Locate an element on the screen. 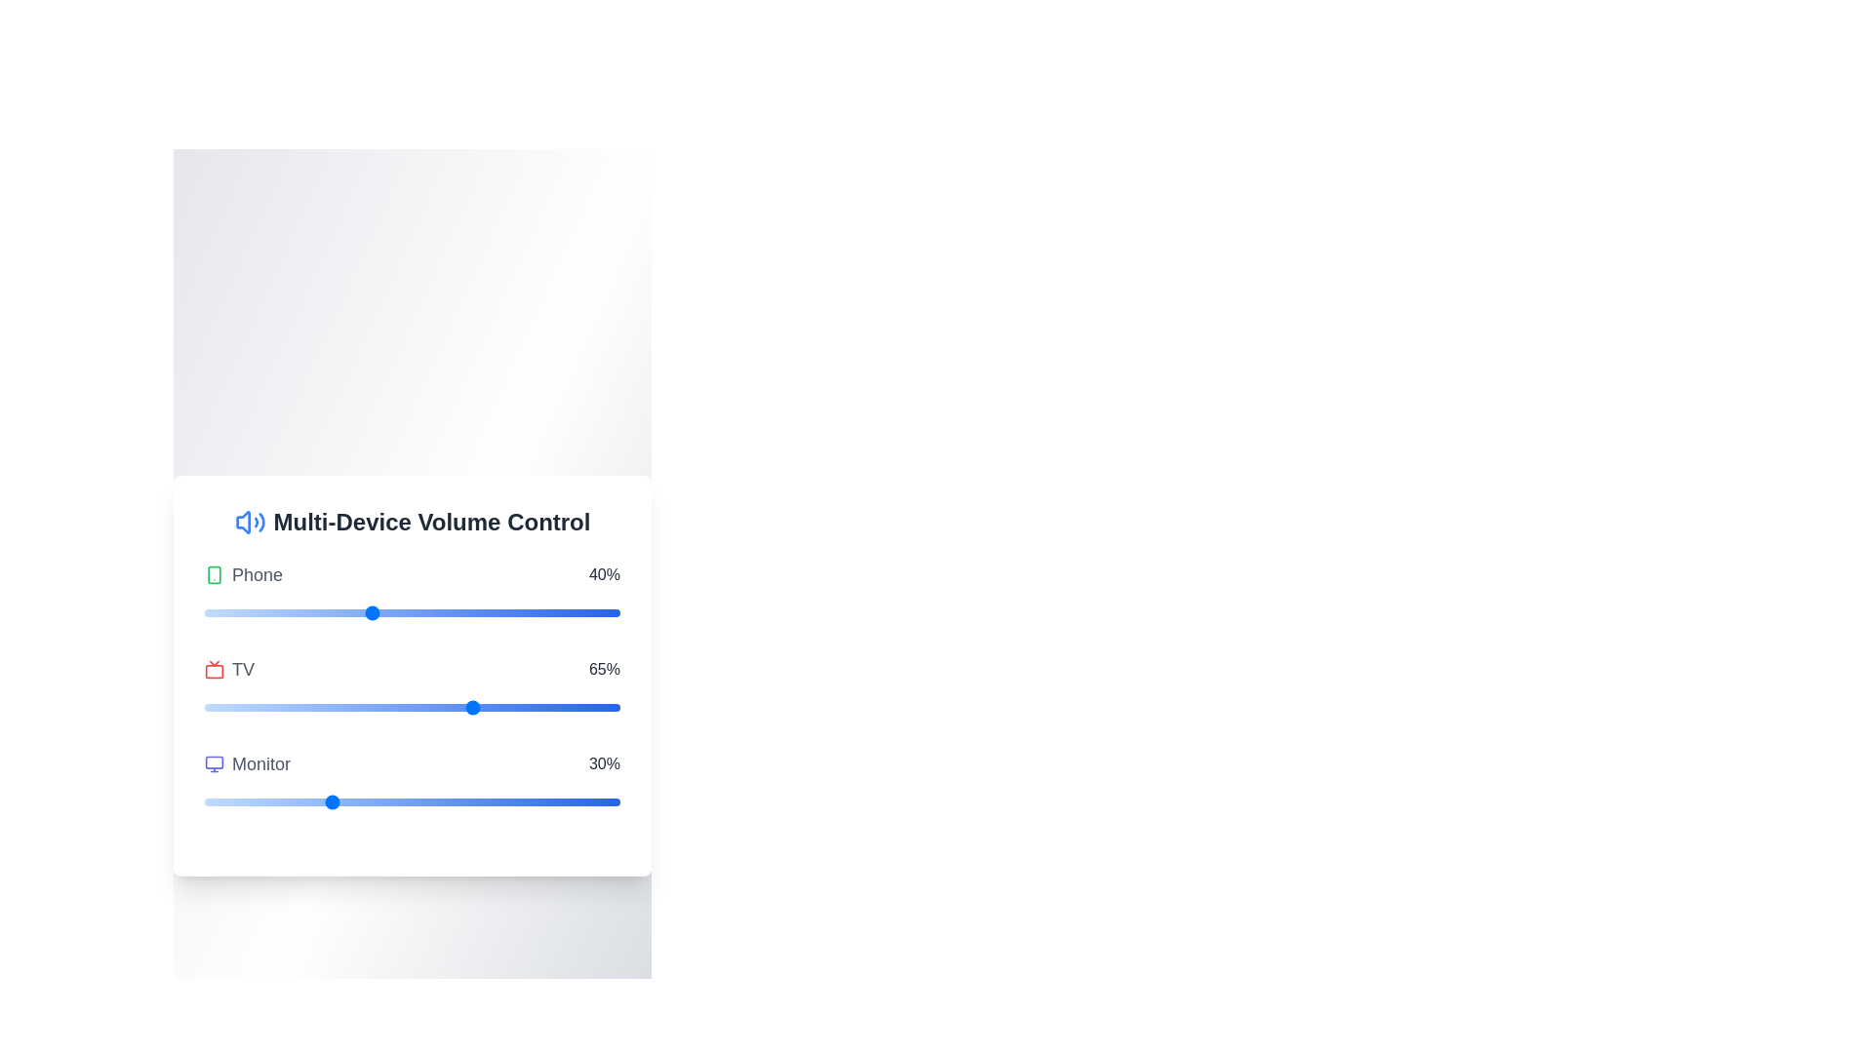 The image size is (1873, 1053). the Information display row for 'Monitor' in the Multi-Device Volume Control interface is located at coordinates (411, 762).